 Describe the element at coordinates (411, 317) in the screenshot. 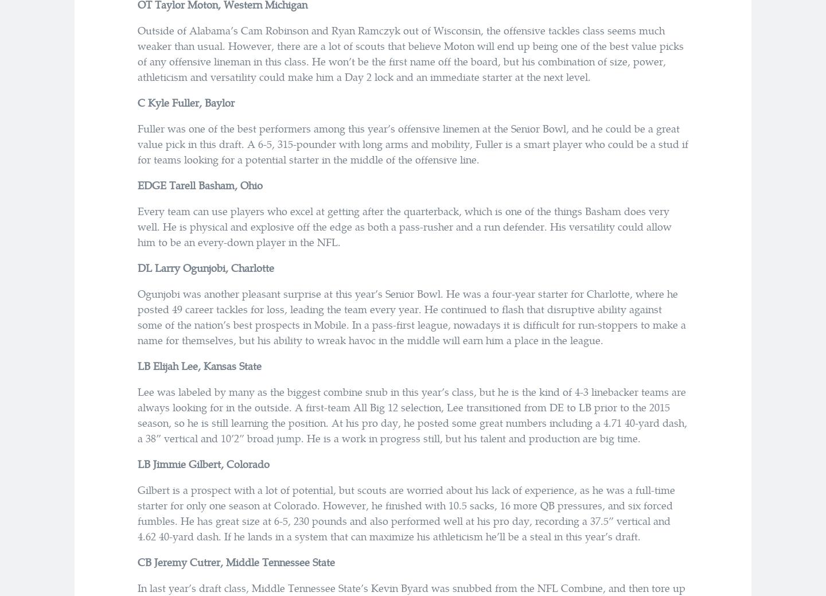

I see `'Ogunjobi was another pleasant surprise at this year’s Senior Bowl. He was a four-year starter for Charlotte, where he posted 49 career tackles for loss, leading the team every year. He continued to flash that disruptive ability against some of the nation’s best prospects in Mobile. In a pass-first league, nowadays it is difficult for run-stoppers to make a name for themselves, but his ability to wreak havoc in the middle will earn him a place in the league.'` at that location.